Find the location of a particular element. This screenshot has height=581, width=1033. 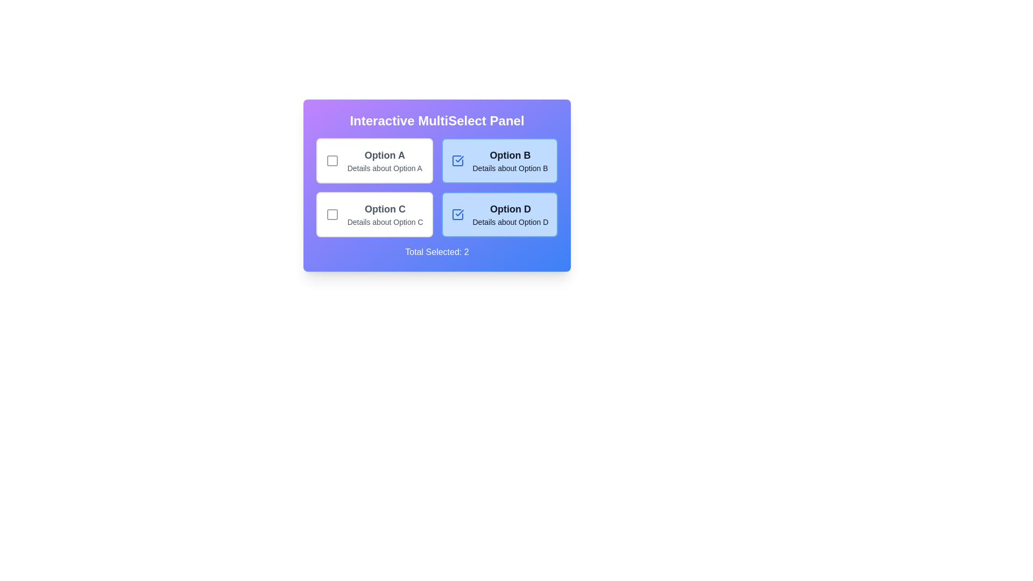

the item labeled Option D is located at coordinates (498, 214).